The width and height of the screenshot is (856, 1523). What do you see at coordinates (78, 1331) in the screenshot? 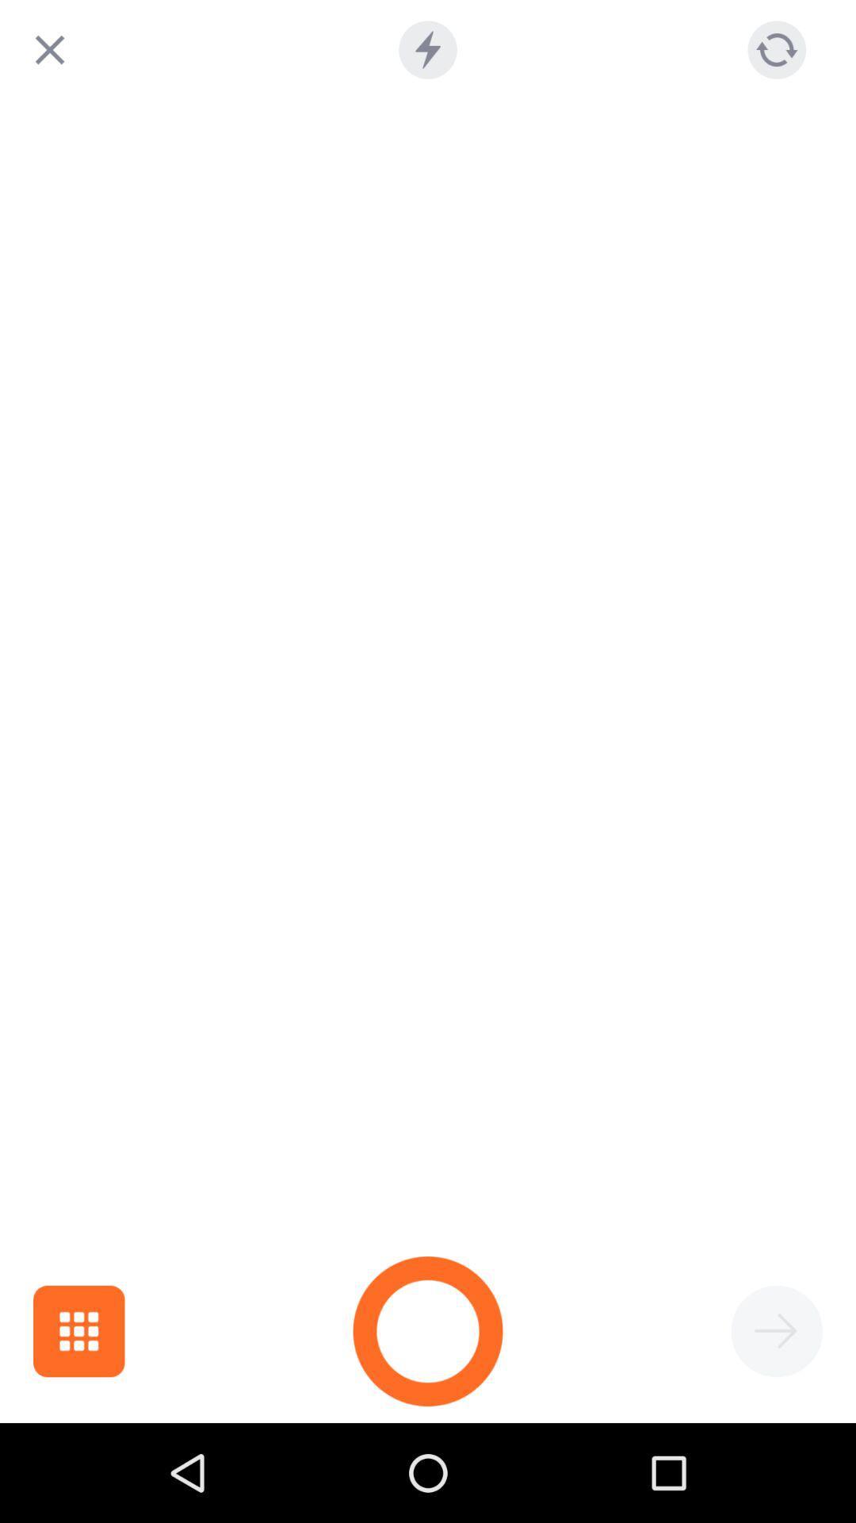
I see `the dashboard icon` at bounding box center [78, 1331].